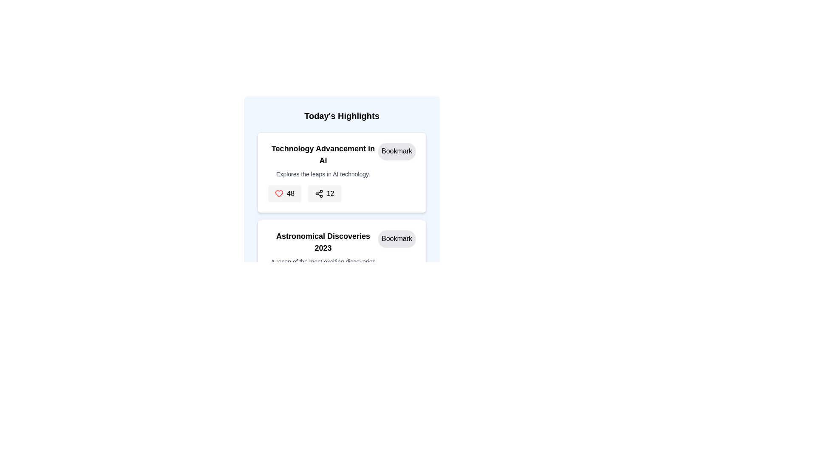 This screenshot has height=459, width=816. I want to click on the text element providing a brief description under the heading 'Astronomical Discoveries 2023', so click(323, 265).